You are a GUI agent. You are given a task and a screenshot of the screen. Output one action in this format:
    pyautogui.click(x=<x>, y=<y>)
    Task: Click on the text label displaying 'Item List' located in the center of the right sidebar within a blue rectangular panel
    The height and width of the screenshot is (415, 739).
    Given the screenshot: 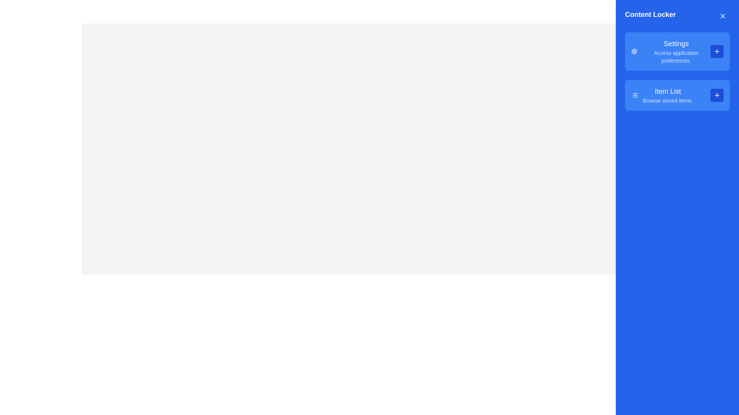 What is the action you would take?
    pyautogui.click(x=667, y=91)
    